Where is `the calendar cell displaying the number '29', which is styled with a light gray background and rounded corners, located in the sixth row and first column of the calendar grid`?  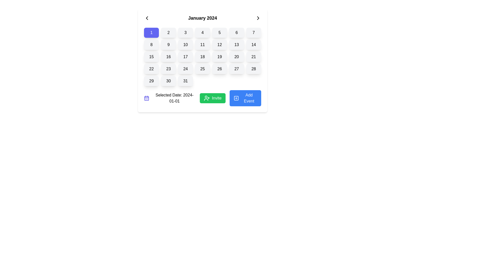
the calendar cell displaying the number '29', which is styled with a light gray background and rounded corners, located in the sixth row and first column of the calendar grid is located at coordinates (151, 81).